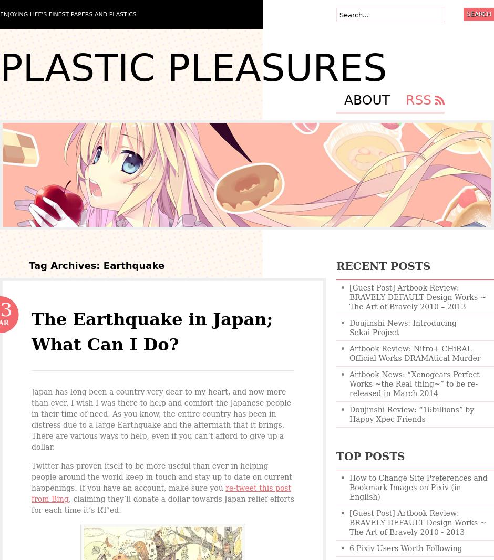 Image resolution: width=494 pixels, height=560 pixels. Describe the element at coordinates (418, 487) in the screenshot. I see `'How to Change Site Preferences and Bookmark Images on Pixiv (in English)'` at that location.